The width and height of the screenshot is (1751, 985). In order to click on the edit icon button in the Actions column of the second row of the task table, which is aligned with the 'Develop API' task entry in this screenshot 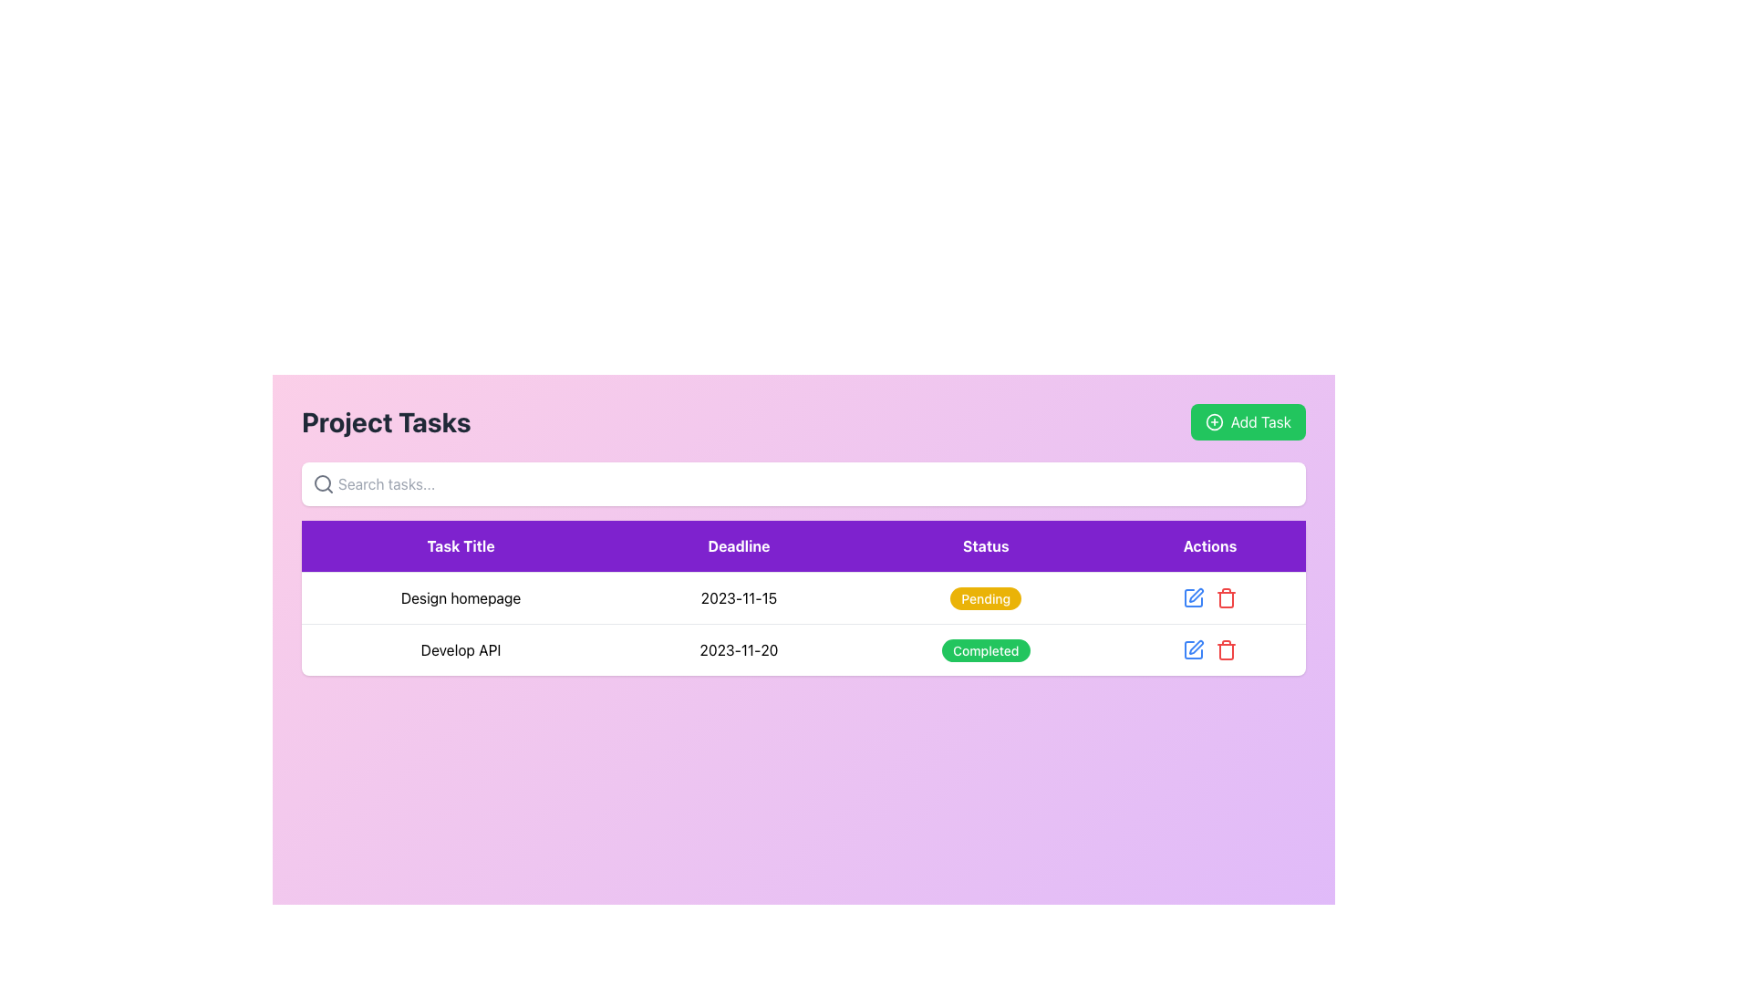, I will do `click(1196, 595)`.